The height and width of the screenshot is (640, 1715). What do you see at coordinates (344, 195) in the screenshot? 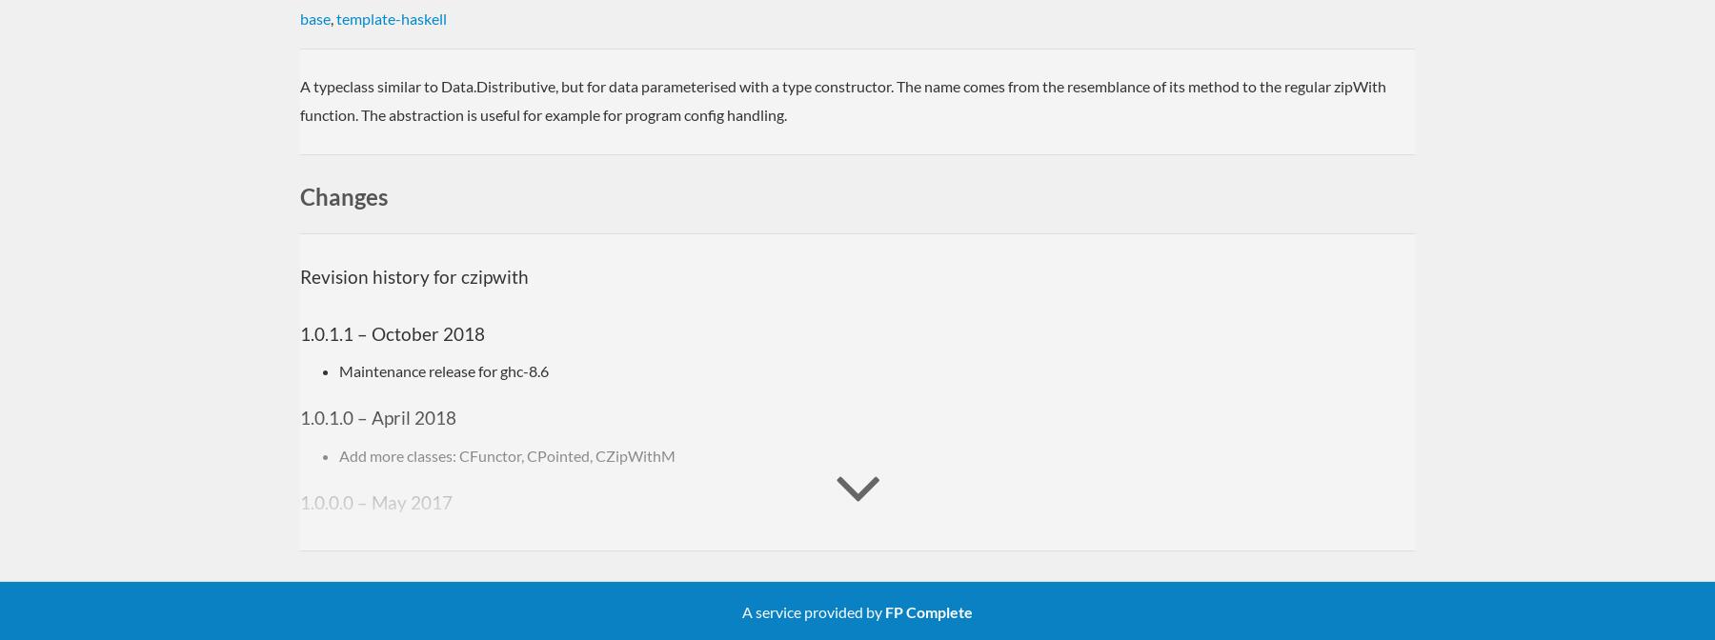
I see `'Changes'` at bounding box center [344, 195].